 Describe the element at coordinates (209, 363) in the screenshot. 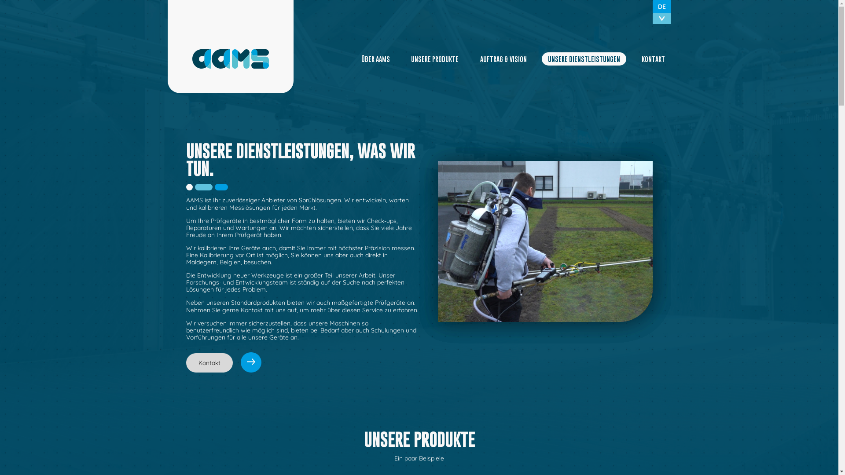

I see `'Kontakt'` at that location.